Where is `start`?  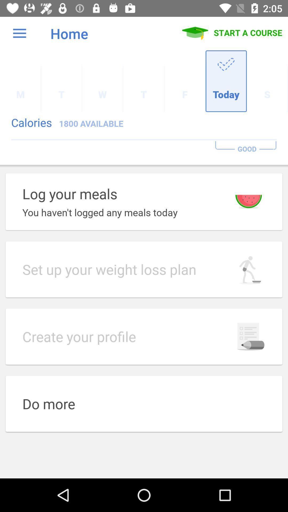 start is located at coordinates (232, 33).